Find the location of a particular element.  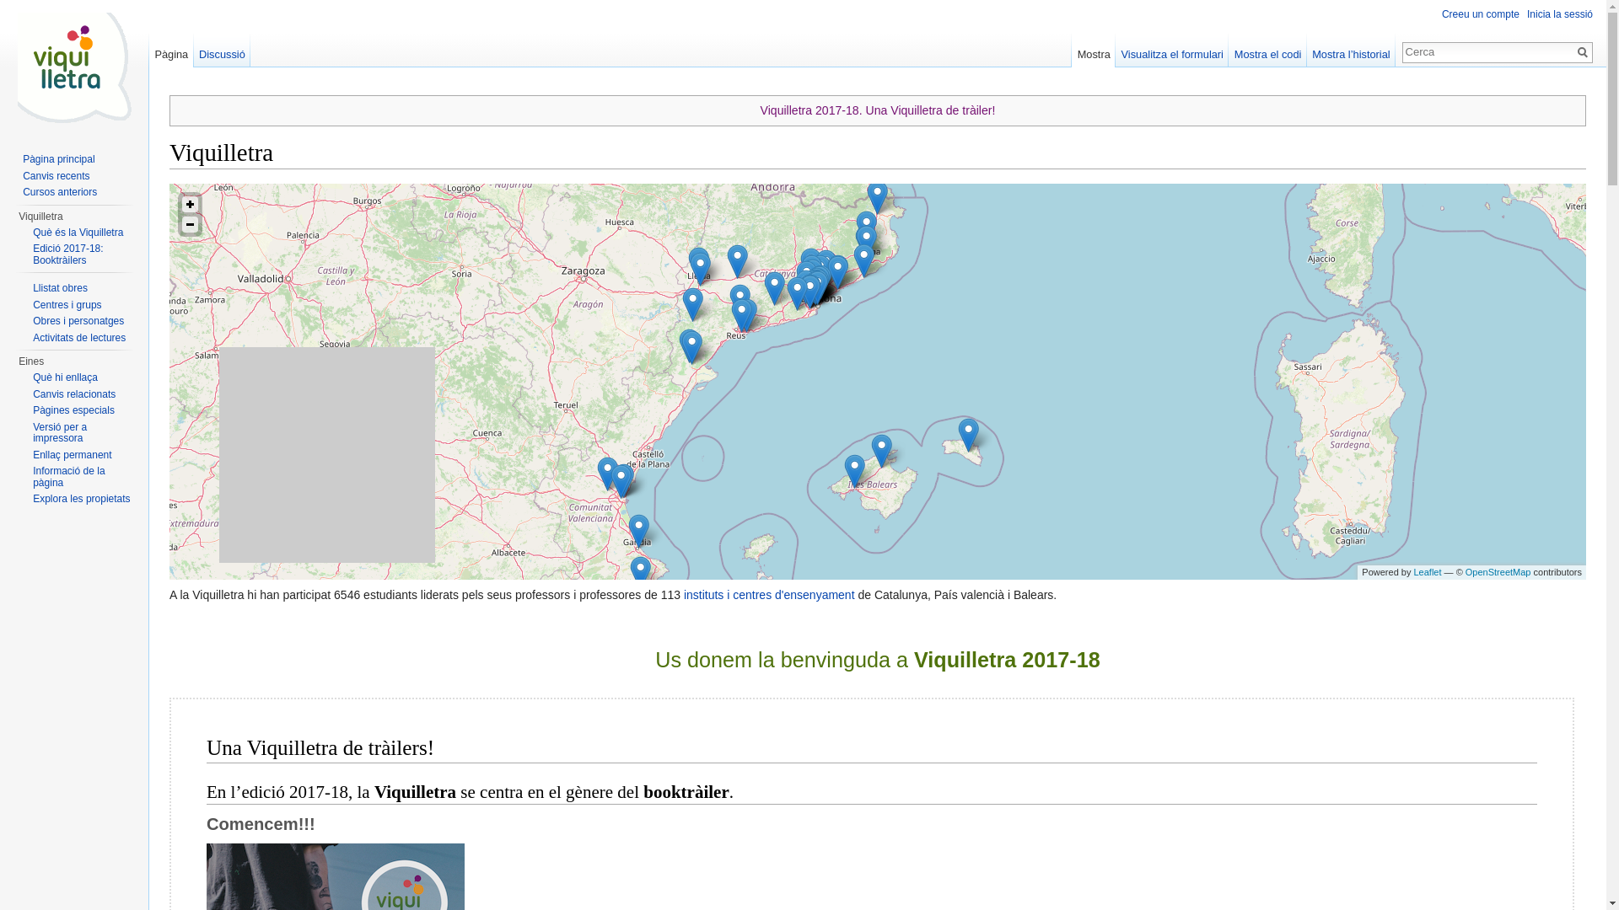

'Creeu un compte' is located at coordinates (1480, 13).